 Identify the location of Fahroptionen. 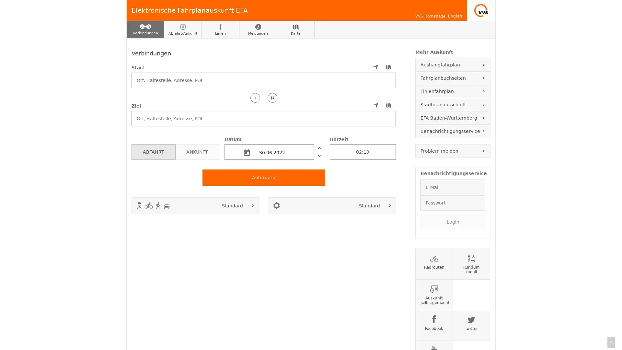
(390, 205).